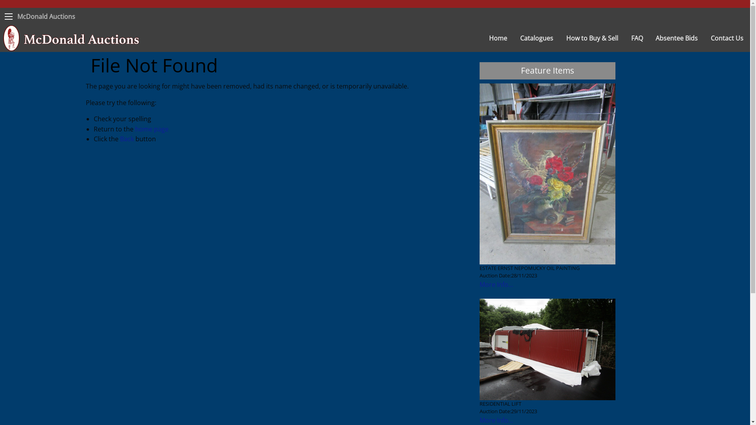 This screenshot has width=756, height=425. Describe the element at coordinates (637, 38) in the screenshot. I see `'FAQ'` at that location.